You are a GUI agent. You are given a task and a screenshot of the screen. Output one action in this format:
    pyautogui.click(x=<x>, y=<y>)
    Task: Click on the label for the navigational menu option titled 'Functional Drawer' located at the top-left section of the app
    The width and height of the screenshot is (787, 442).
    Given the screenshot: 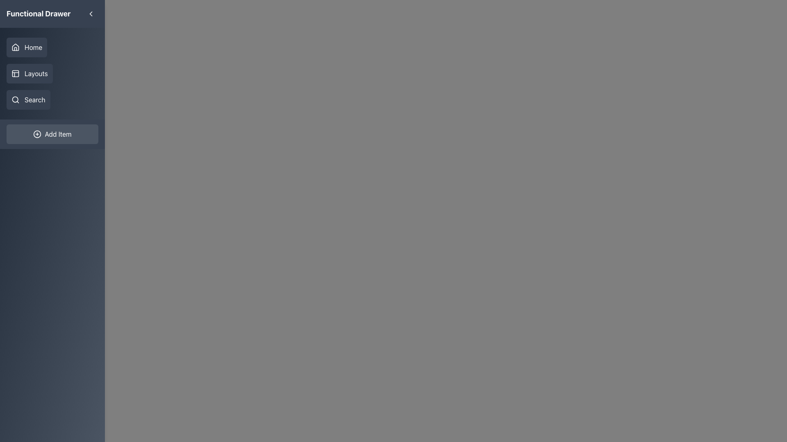 What is the action you would take?
    pyautogui.click(x=33, y=47)
    